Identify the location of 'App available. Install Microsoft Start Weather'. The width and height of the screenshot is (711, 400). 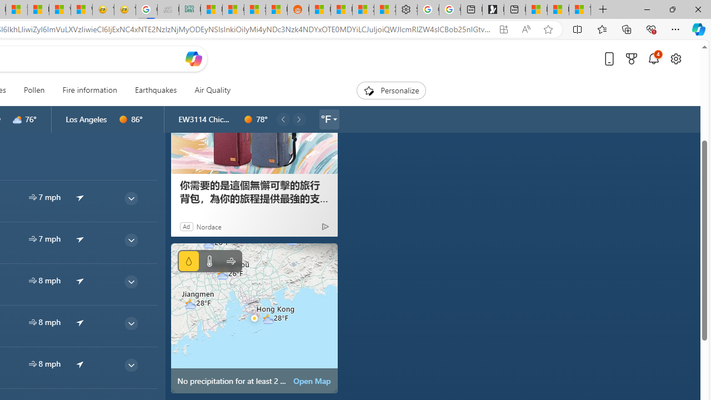
(503, 29).